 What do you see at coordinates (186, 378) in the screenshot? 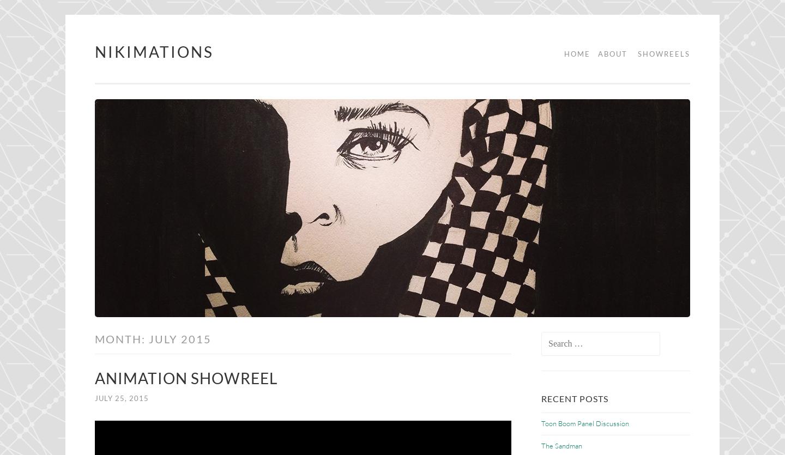
I see `'Animation Showreel'` at bounding box center [186, 378].